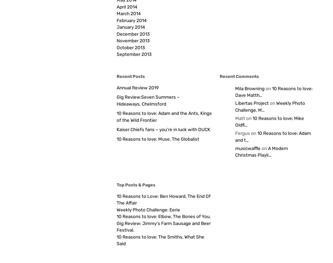  Describe the element at coordinates (148, 100) in the screenshot. I see `'Gig Review:Seven Summers – Hideaways, Chelmsford'` at that location.